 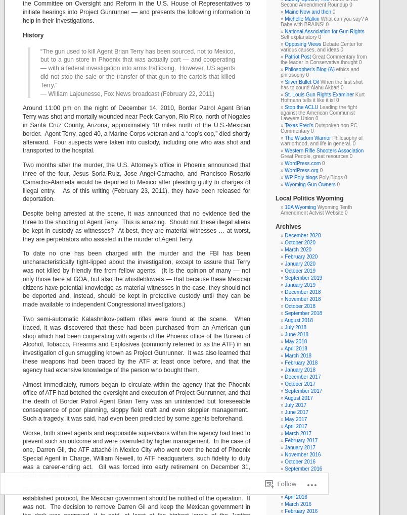 What do you see at coordinates (298, 249) in the screenshot?
I see `'March 2020'` at bounding box center [298, 249].